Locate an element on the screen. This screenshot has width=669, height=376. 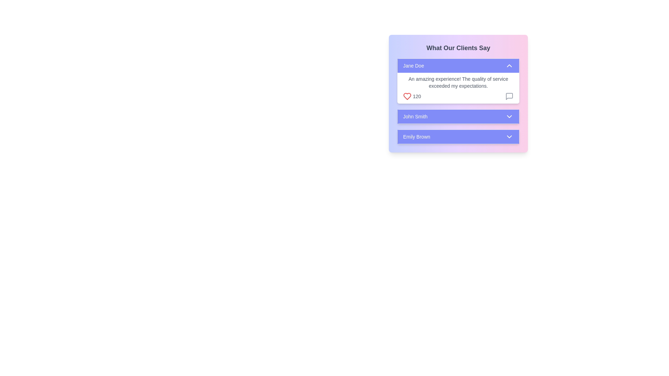
the text label displaying 'Jane Doe' which is bold and white against a light purple background, located in the upper section of a vertically stacked list next to a chevron arrow icon is located at coordinates (413, 66).